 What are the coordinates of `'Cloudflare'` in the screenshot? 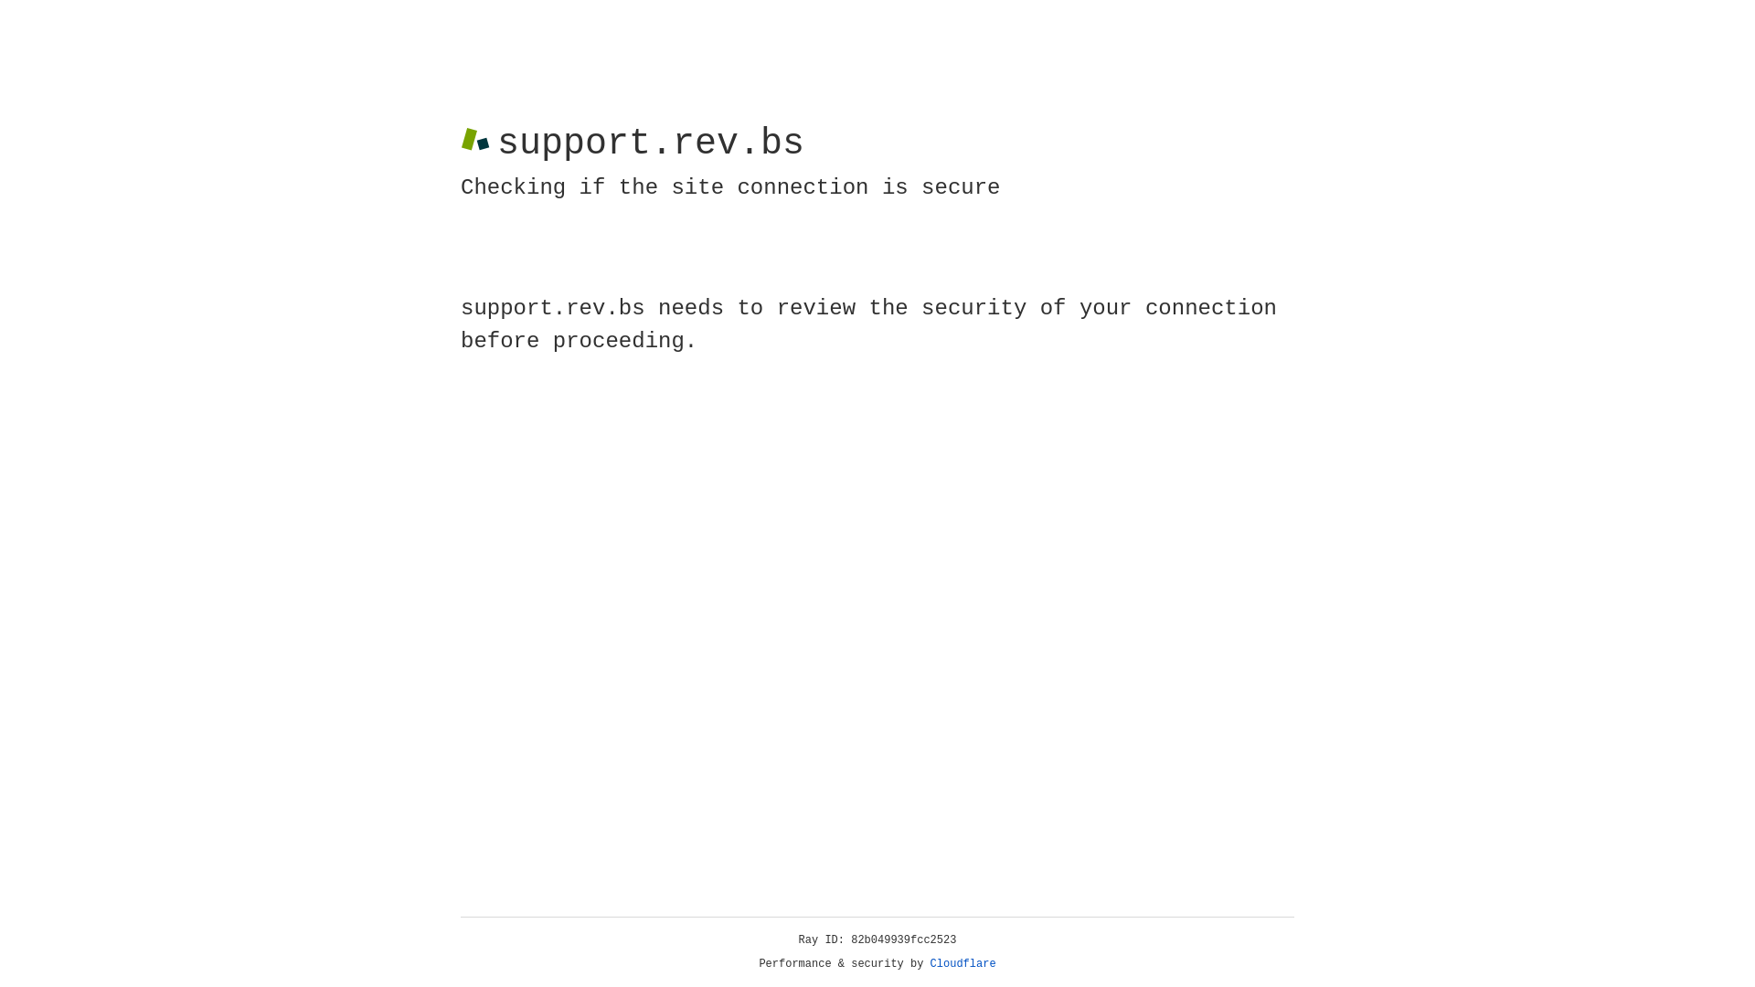 It's located at (963, 963).